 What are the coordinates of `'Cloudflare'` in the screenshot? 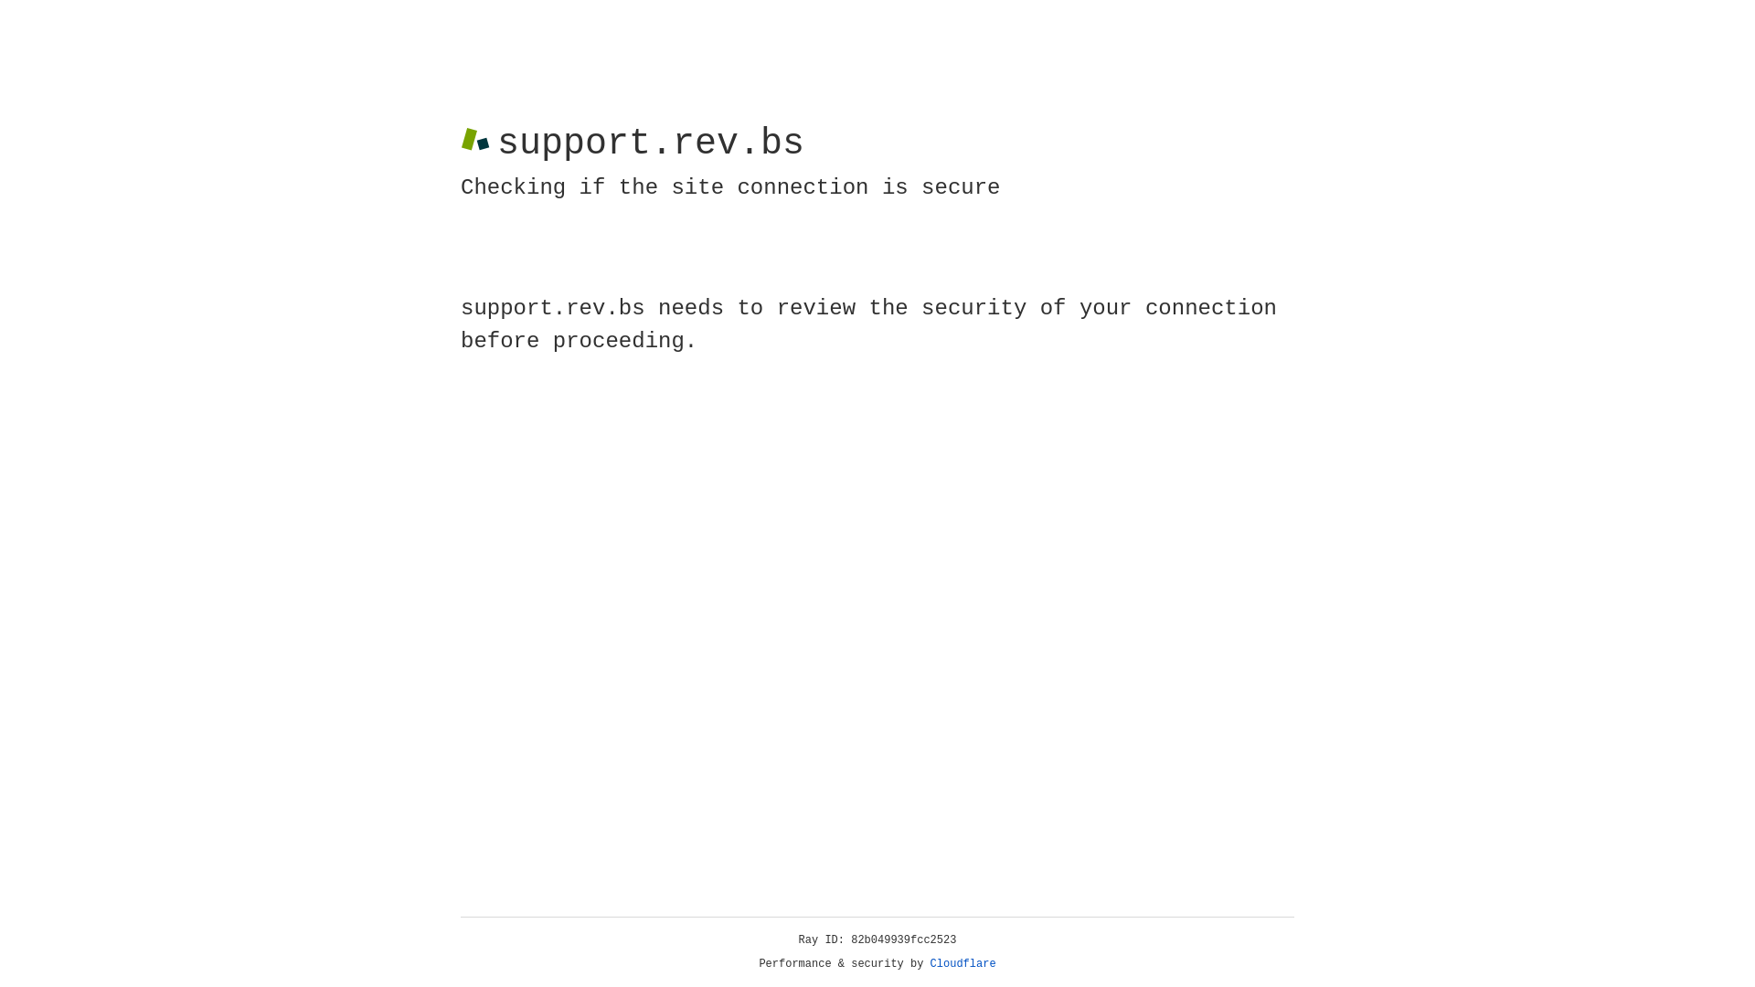 It's located at (963, 963).